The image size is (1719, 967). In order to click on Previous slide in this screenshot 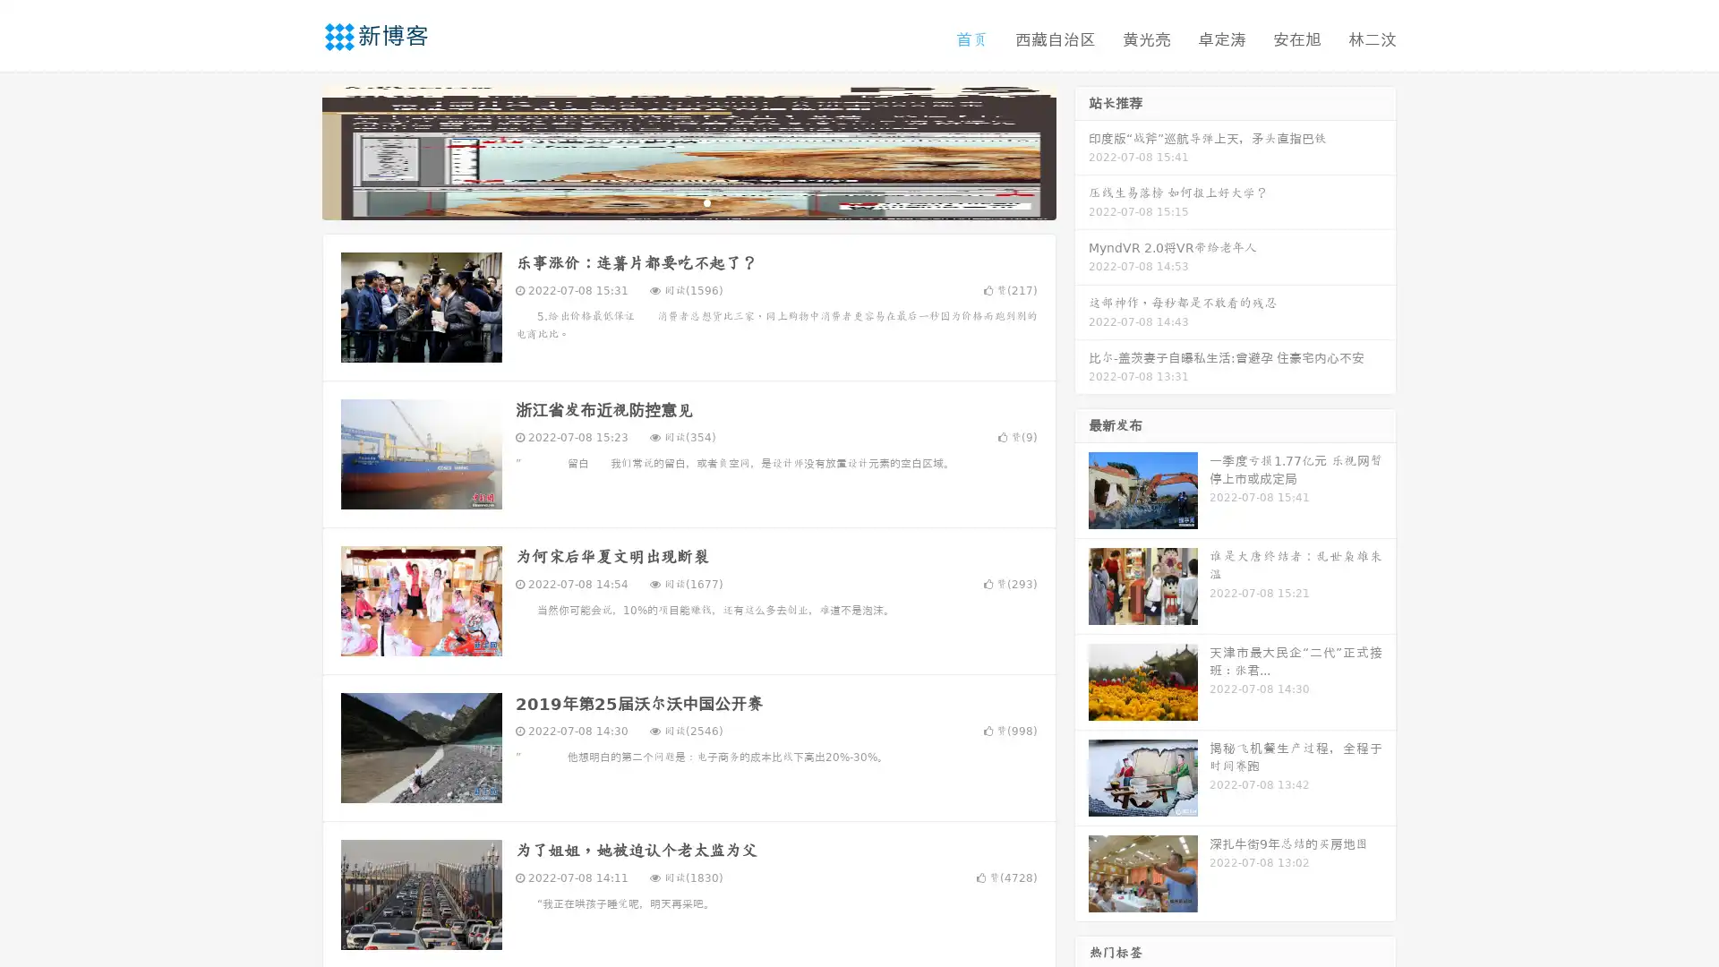, I will do `click(295, 150)`.